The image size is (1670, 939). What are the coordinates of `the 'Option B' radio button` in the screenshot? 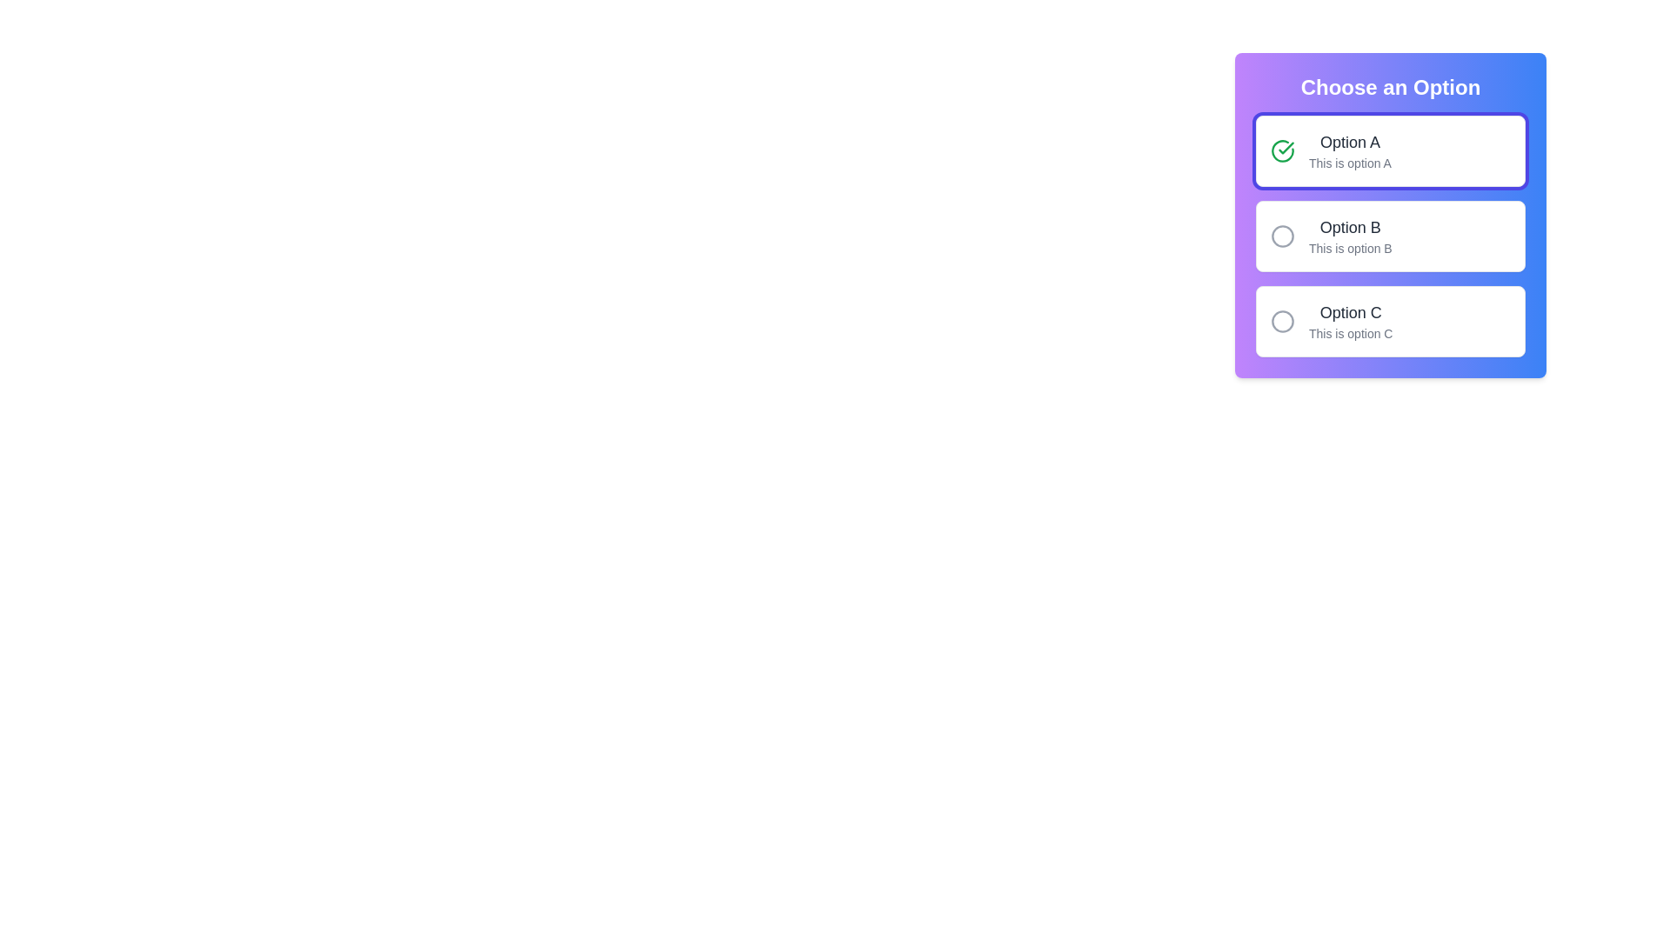 It's located at (1389, 236).